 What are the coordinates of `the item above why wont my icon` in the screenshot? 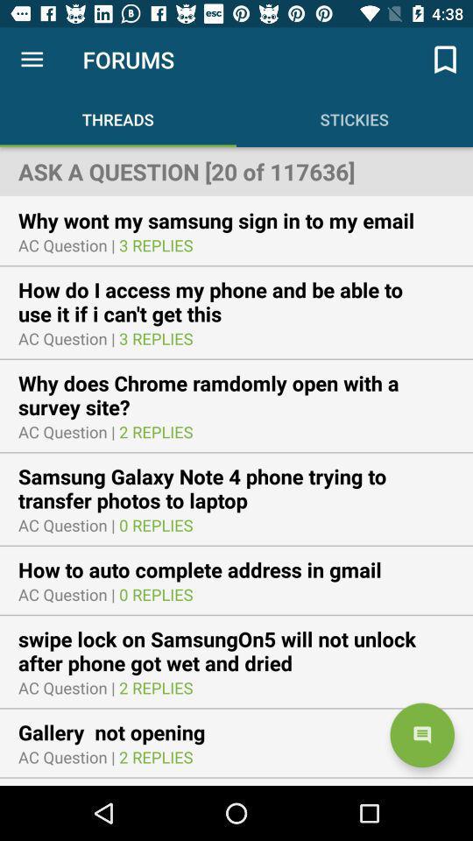 It's located at (236, 171).